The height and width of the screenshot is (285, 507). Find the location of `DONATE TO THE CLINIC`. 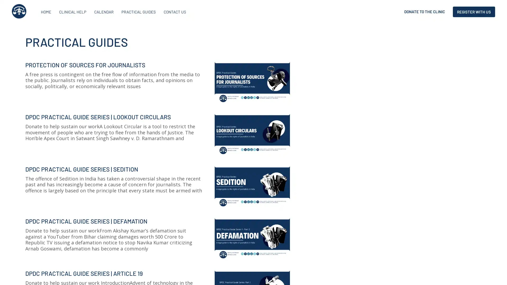

DONATE TO THE CLINIC is located at coordinates (425, 12).